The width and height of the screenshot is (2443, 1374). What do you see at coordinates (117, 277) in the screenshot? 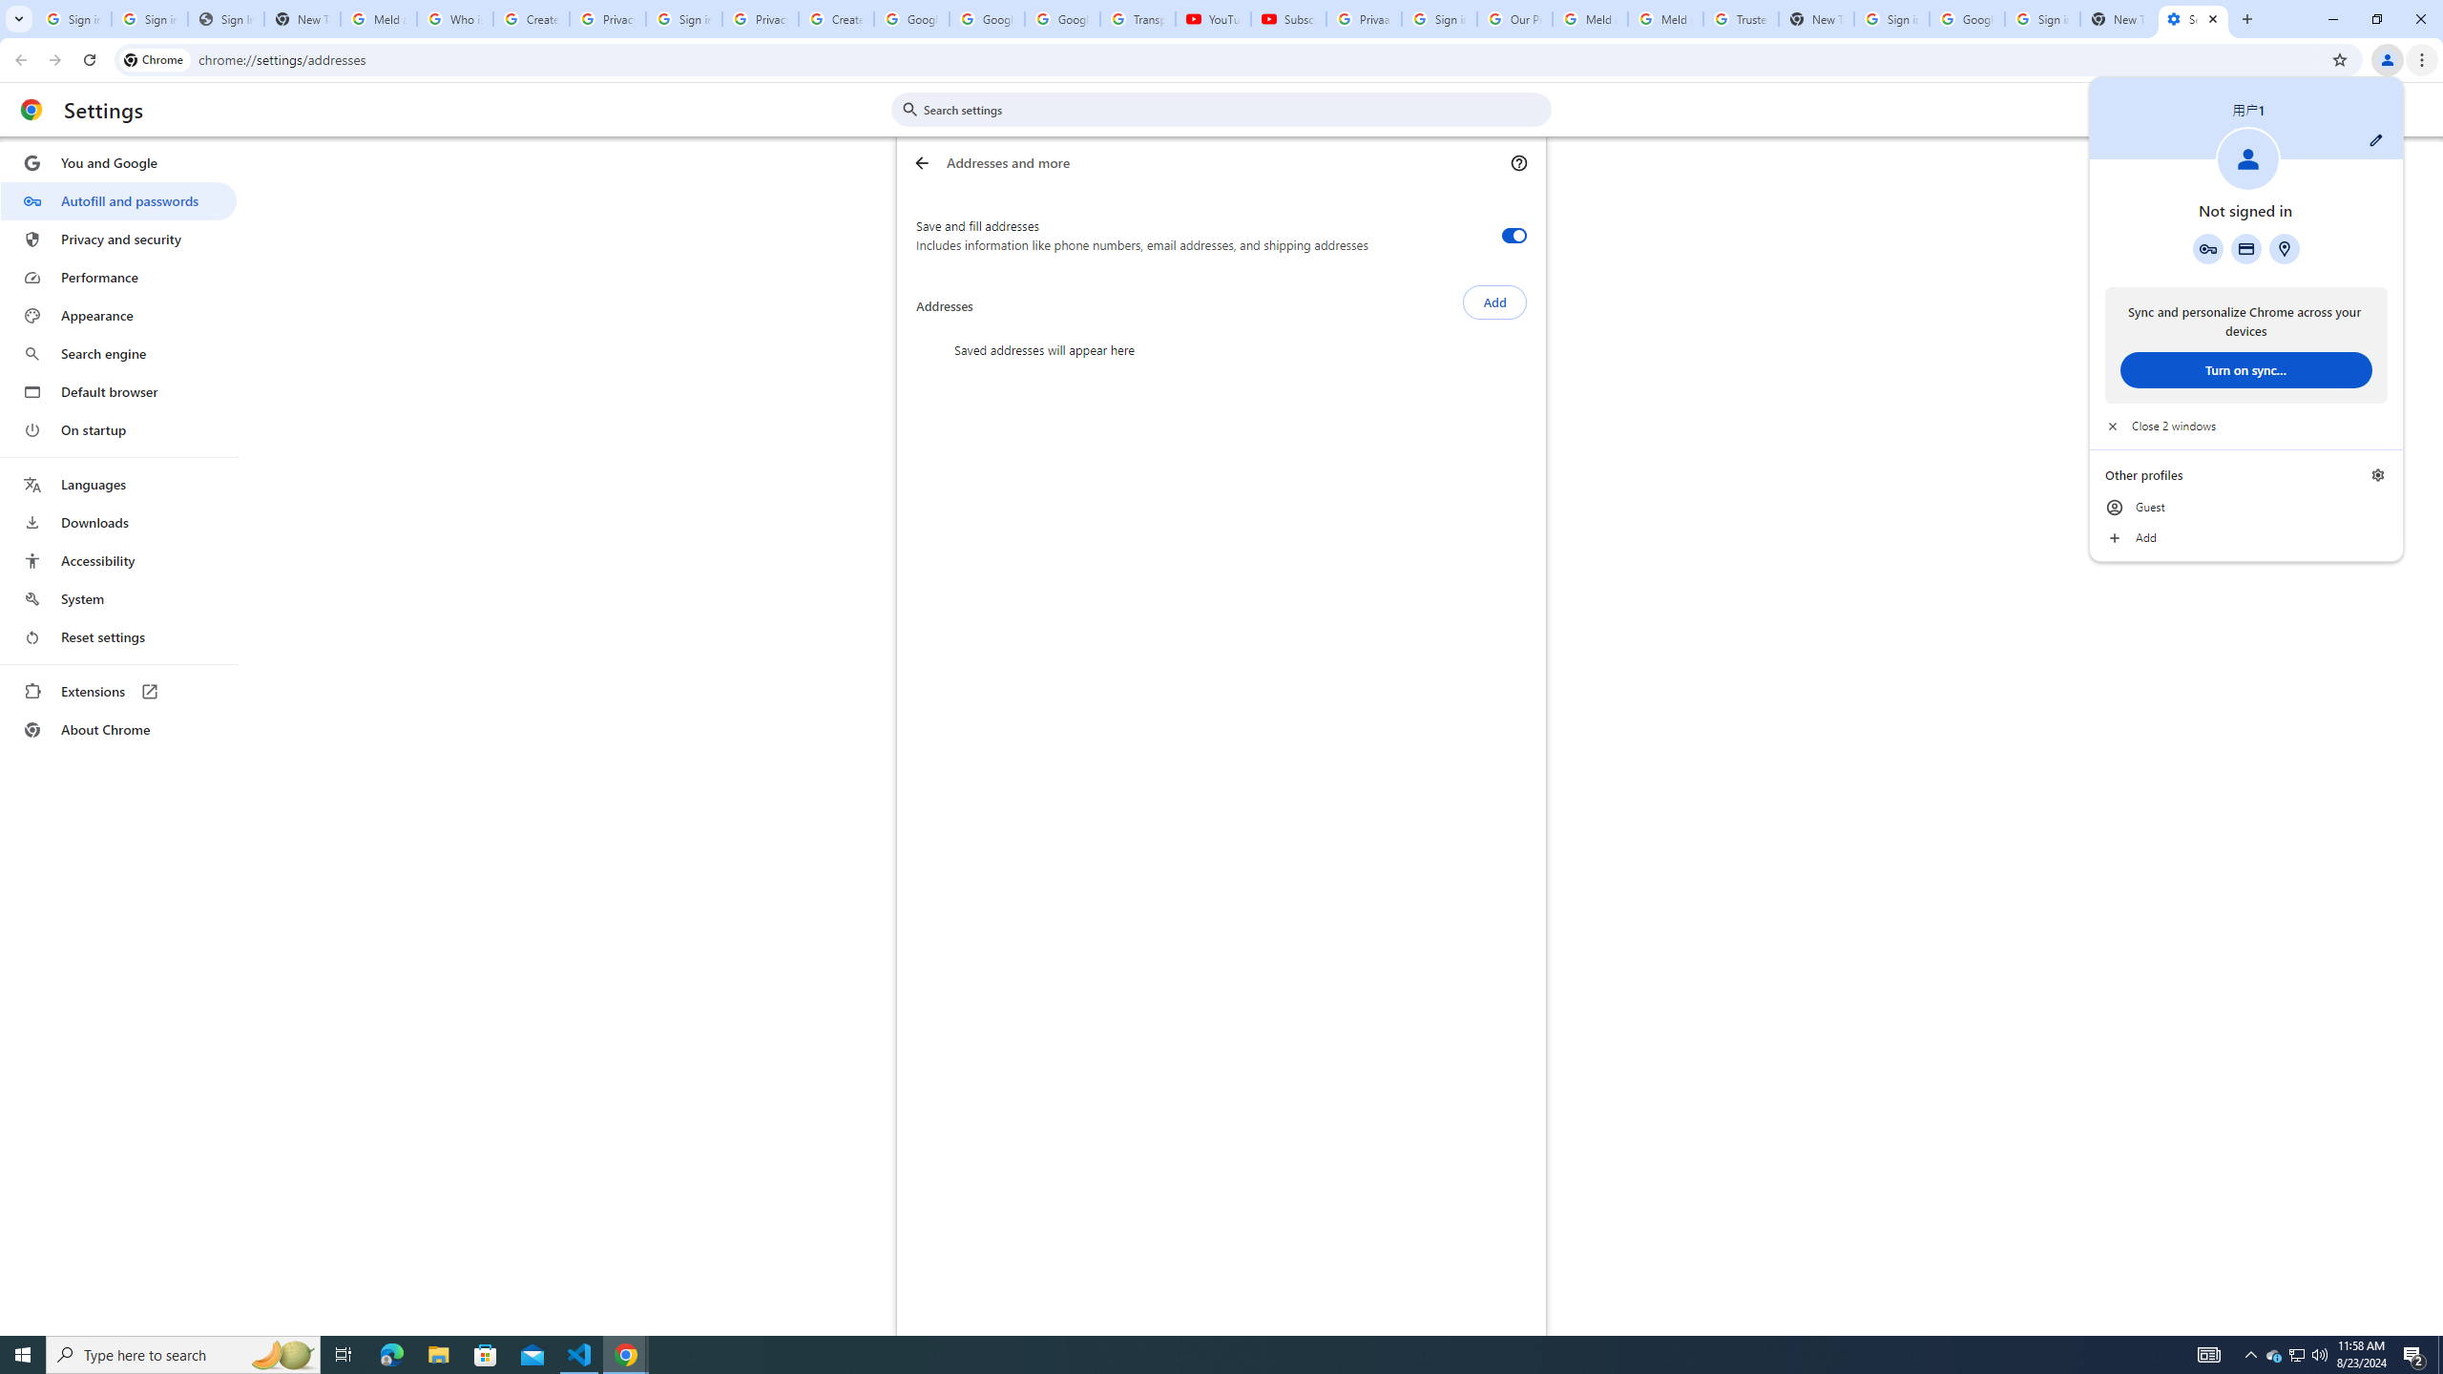
I see `'Performance'` at bounding box center [117, 277].